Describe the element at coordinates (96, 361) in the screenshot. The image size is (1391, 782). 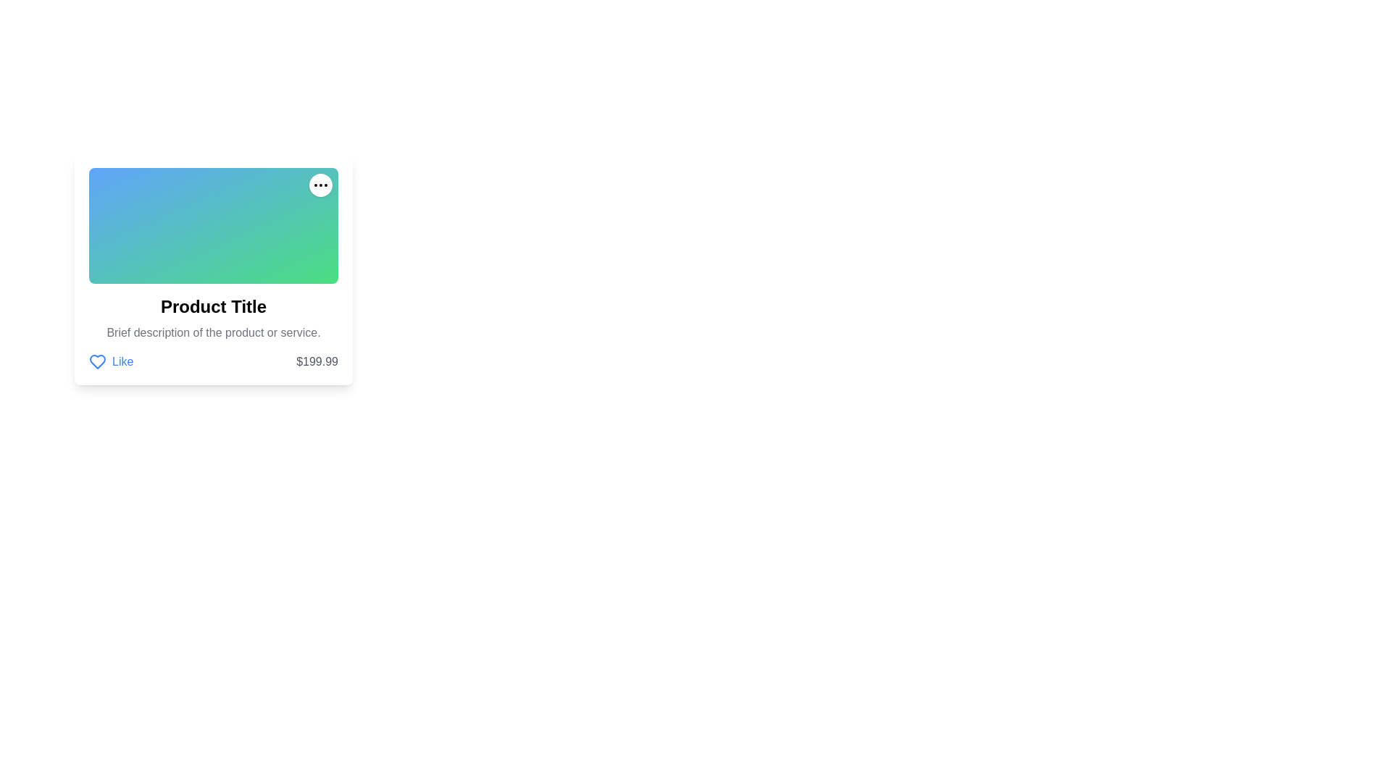
I see `the like icon located in the lower-left region of the product card, aligned with the 'Like' text label` at that location.